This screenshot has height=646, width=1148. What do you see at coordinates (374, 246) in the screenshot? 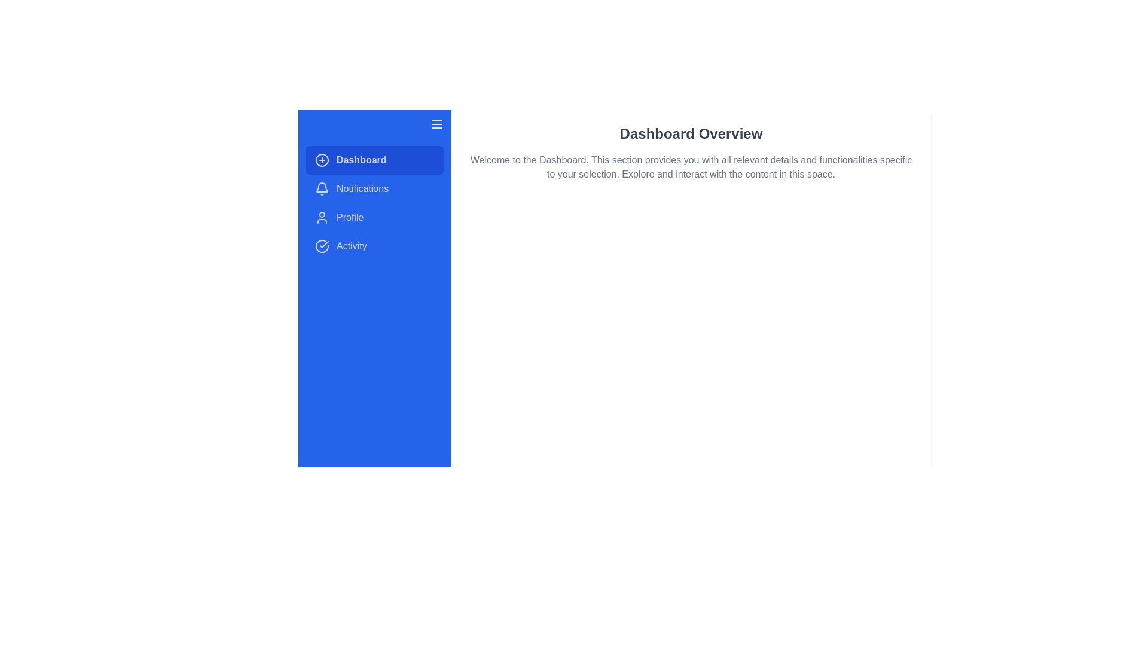
I see `the menu item Activity by clicking on it` at bounding box center [374, 246].